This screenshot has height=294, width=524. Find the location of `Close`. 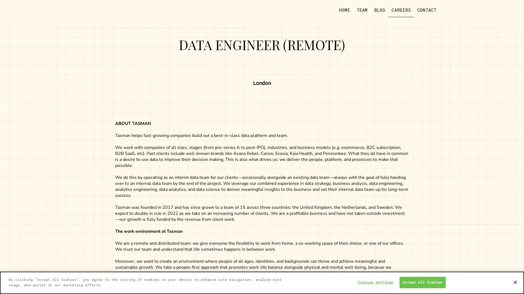

Close is located at coordinates (515, 282).